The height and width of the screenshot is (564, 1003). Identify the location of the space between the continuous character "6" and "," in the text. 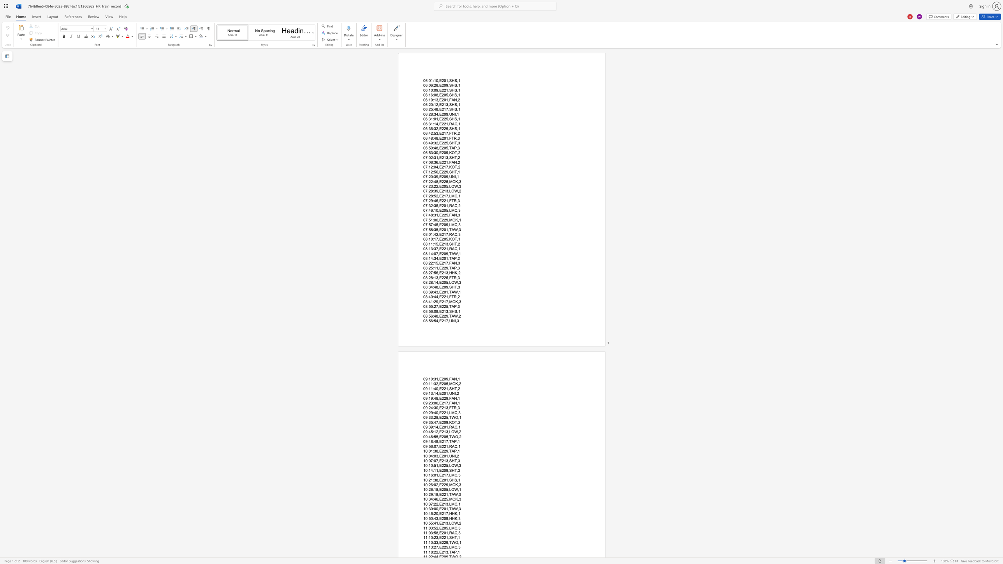
(438, 200).